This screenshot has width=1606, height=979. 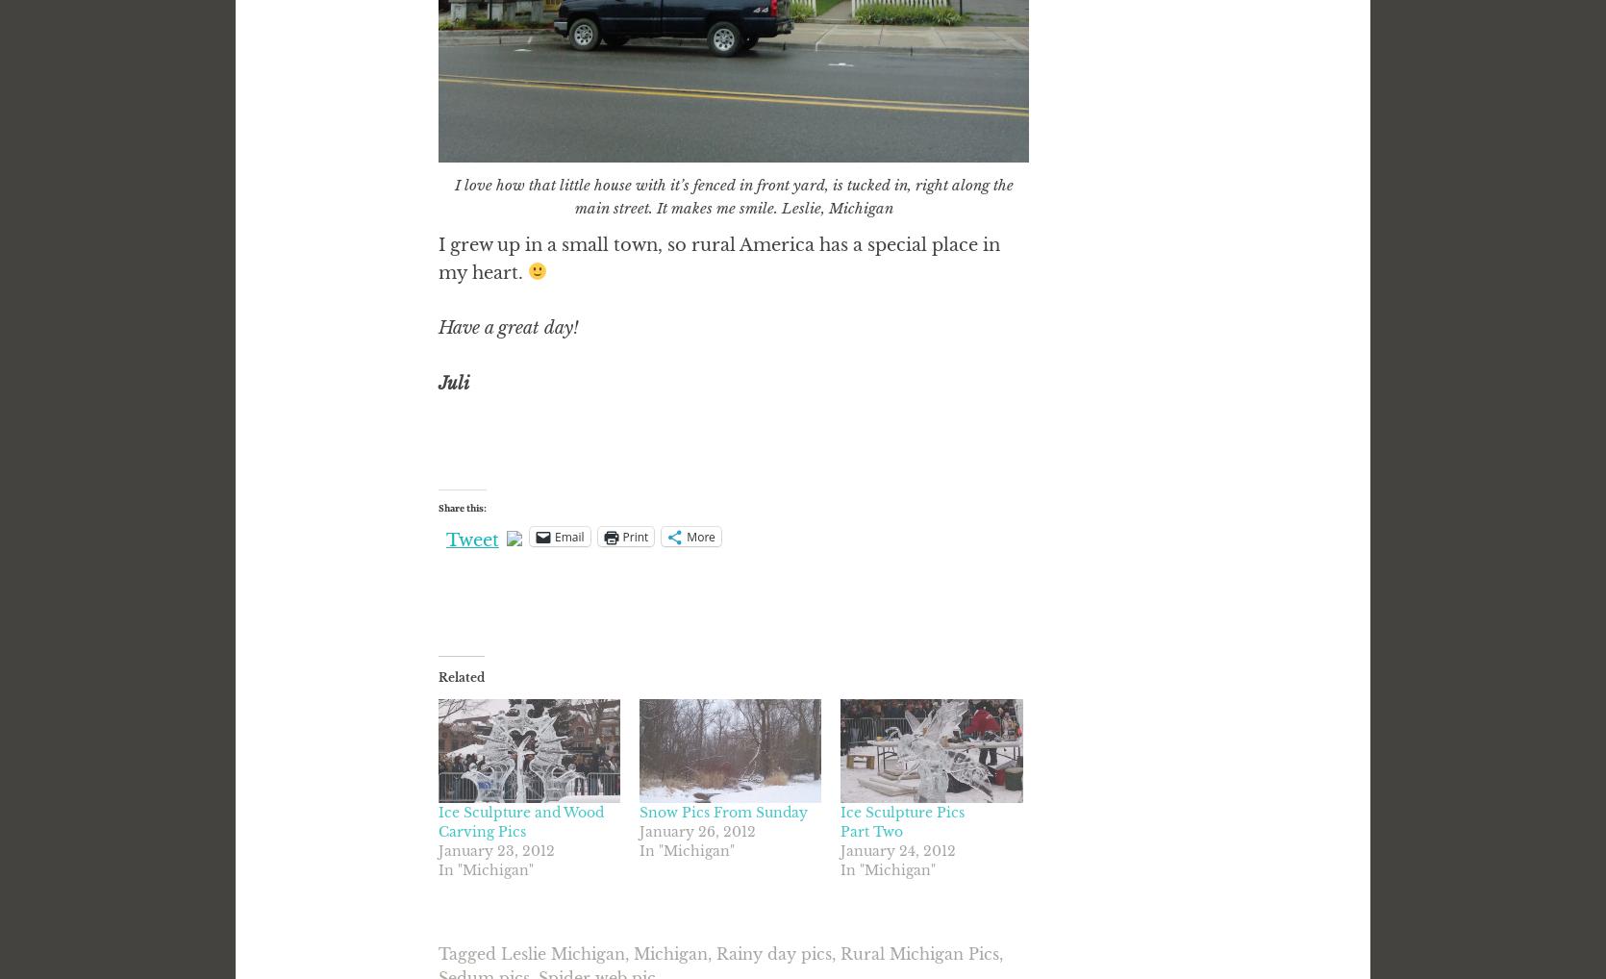 I want to click on 'Tagged', so click(x=438, y=953).